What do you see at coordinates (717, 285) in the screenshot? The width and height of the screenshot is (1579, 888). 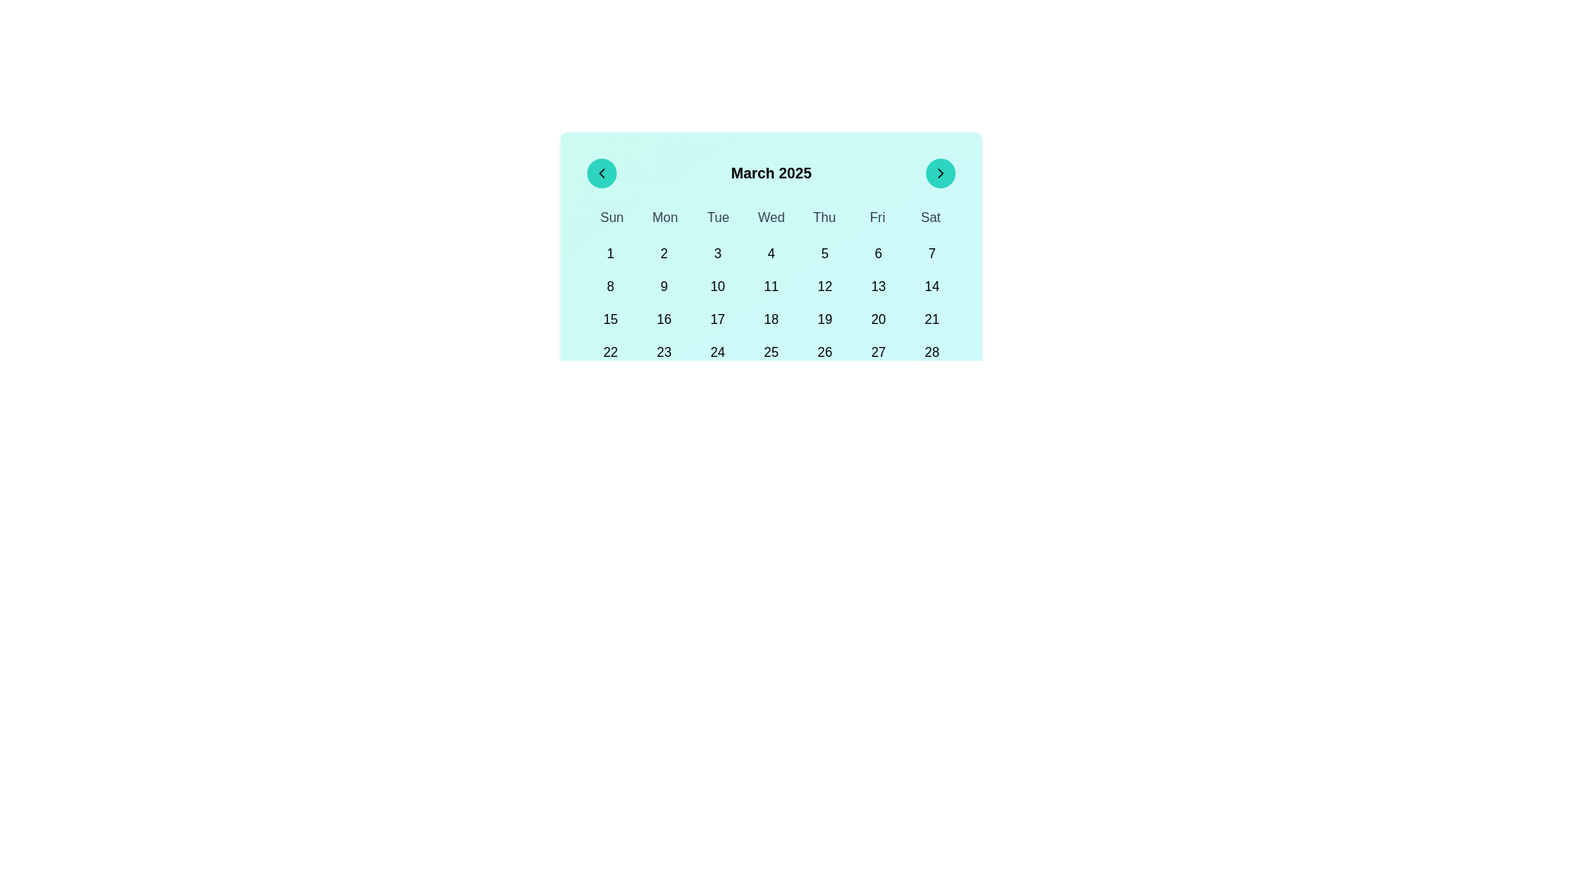 I see `the selectable date button for the 10th day of the month` at bounding box center [717, 285].